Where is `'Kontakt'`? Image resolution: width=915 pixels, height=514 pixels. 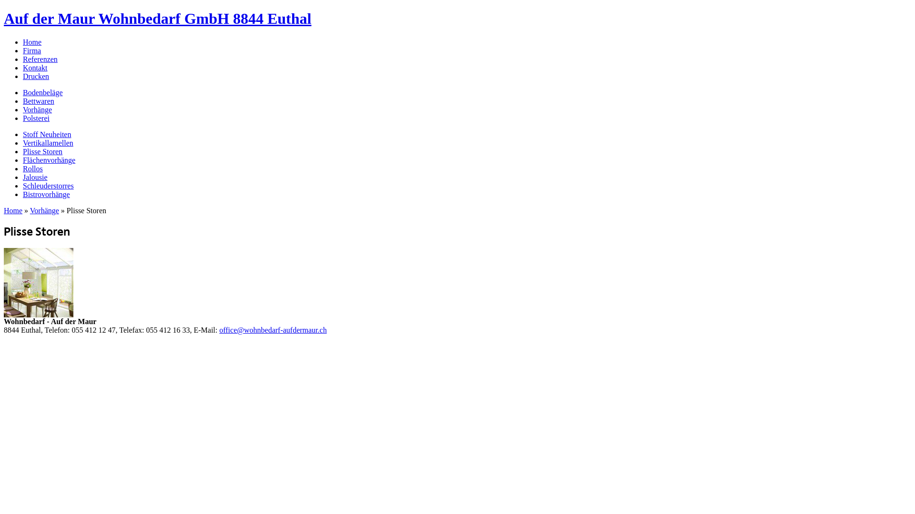 'Kontakt' is located at coordinates (35, 67).